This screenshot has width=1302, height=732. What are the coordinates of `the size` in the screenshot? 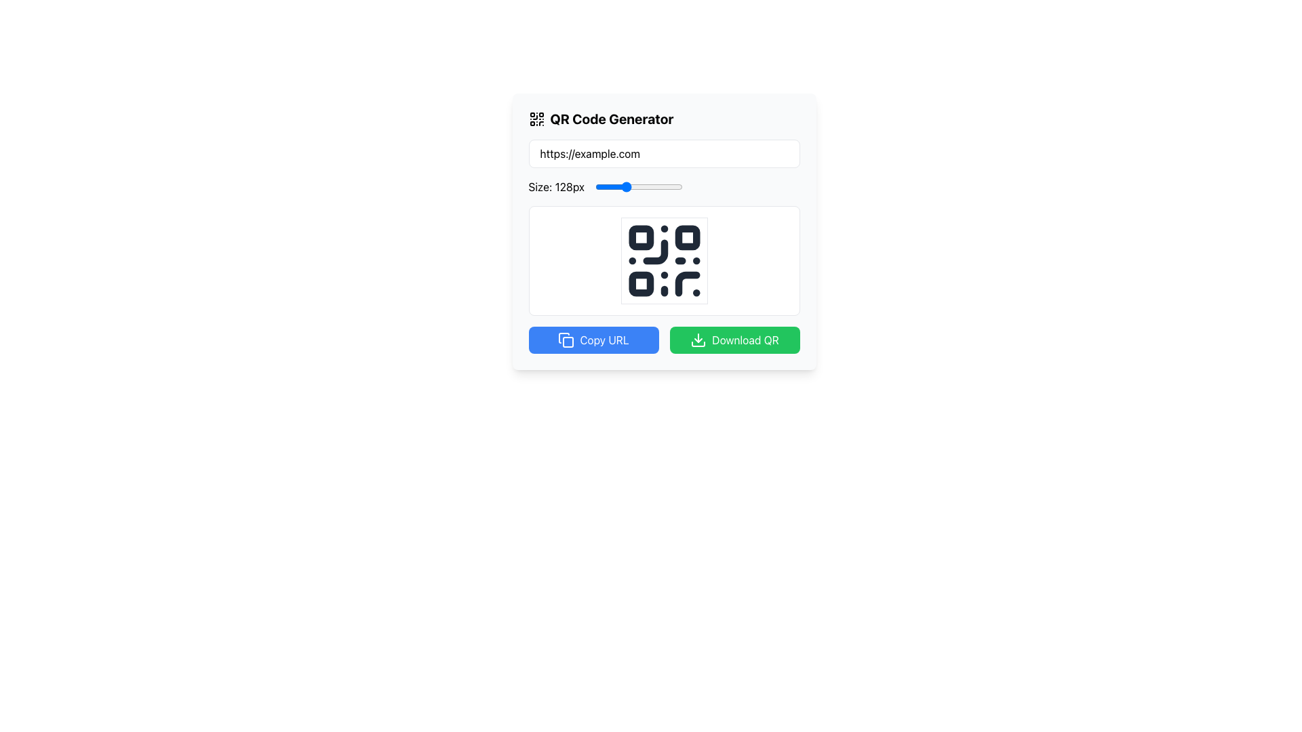 It's located at (620, 187).